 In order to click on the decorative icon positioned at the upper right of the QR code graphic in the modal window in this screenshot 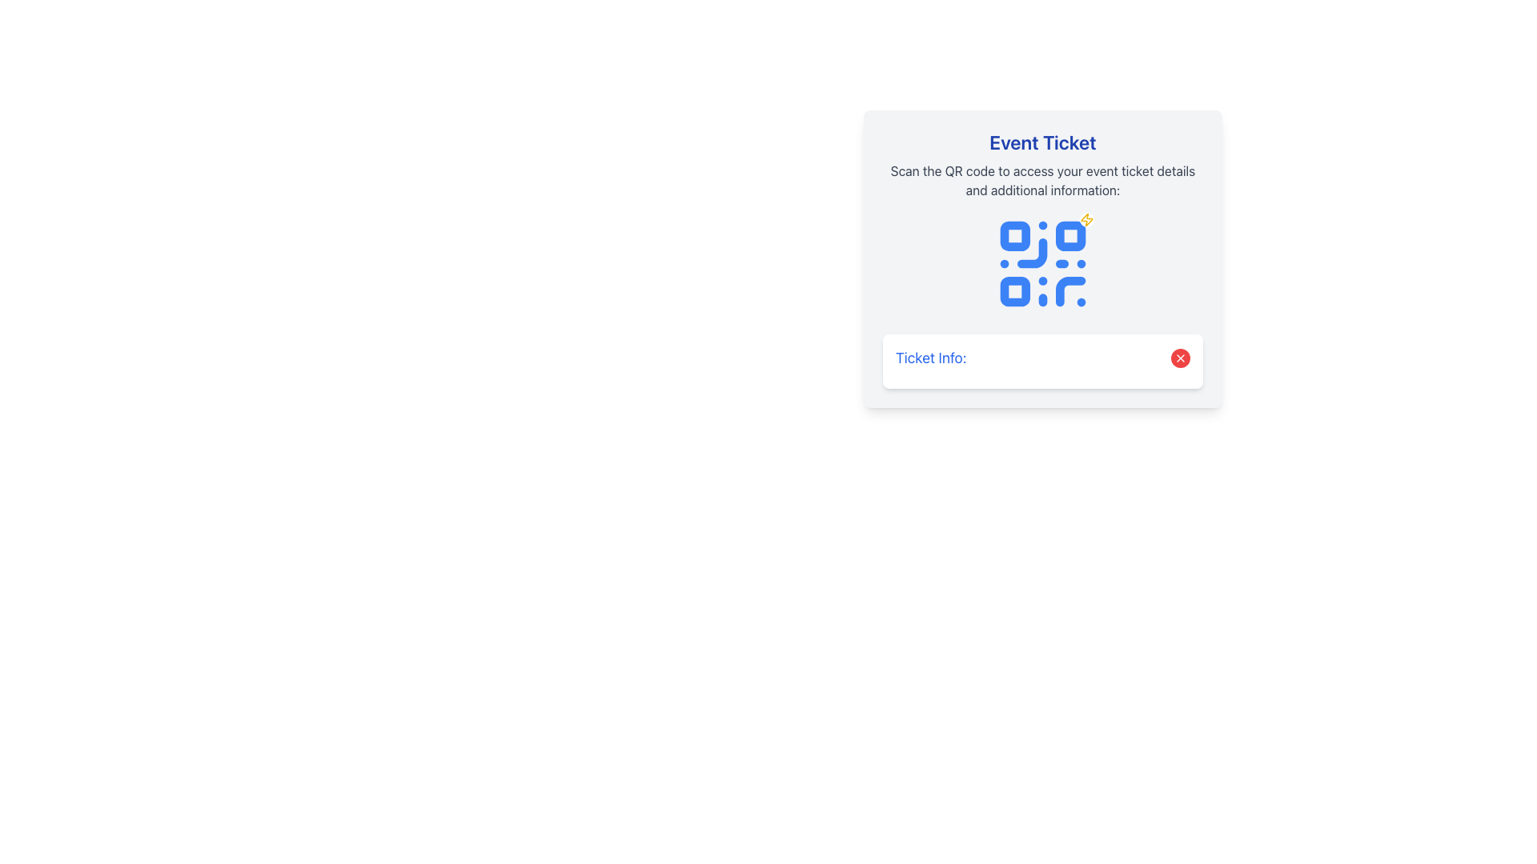, I will do `click(1087, 219)`.